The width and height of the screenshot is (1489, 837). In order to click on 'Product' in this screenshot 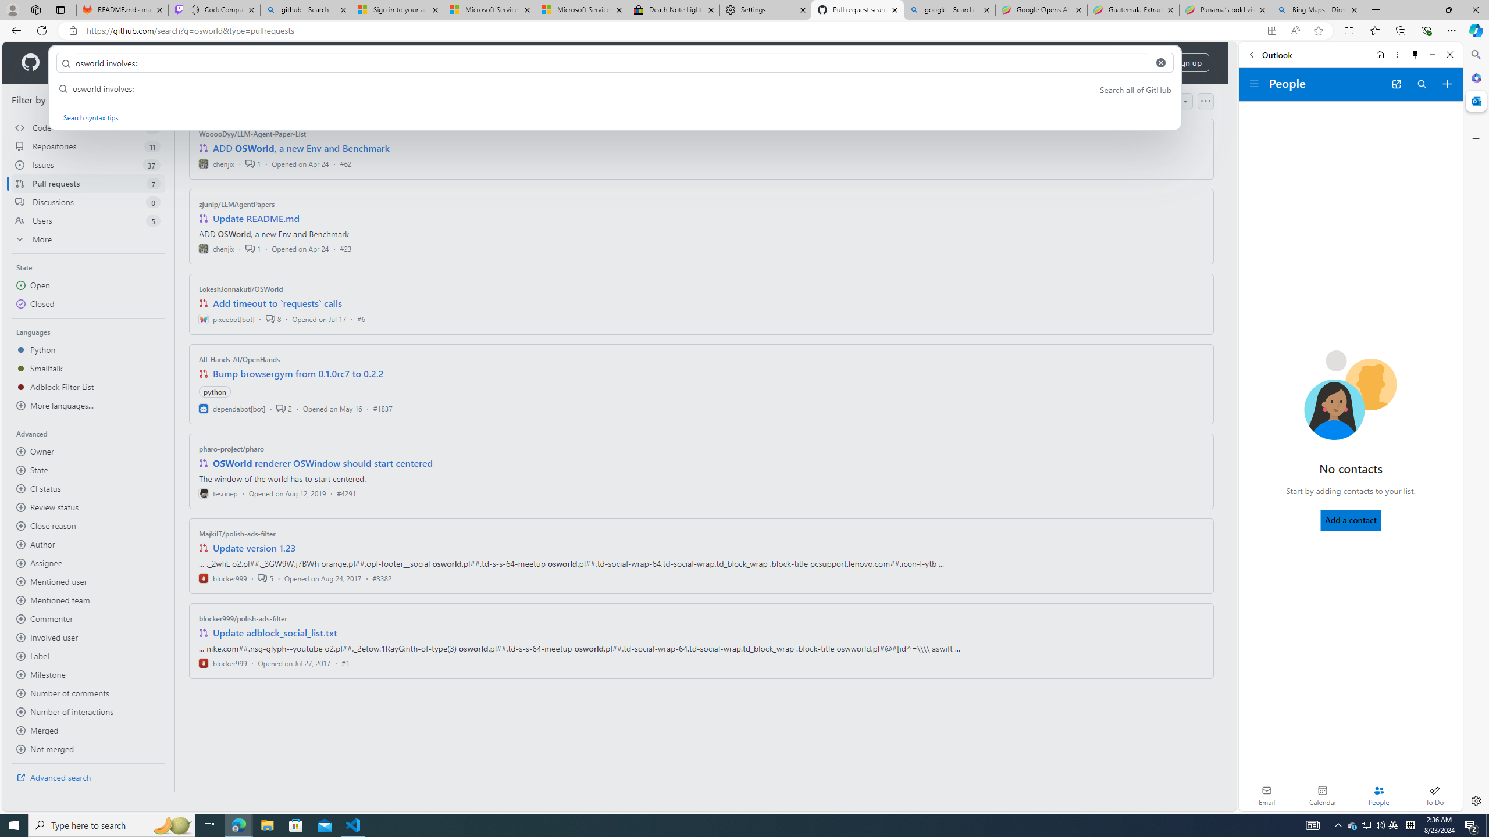, I will do `click(76, 62)`.